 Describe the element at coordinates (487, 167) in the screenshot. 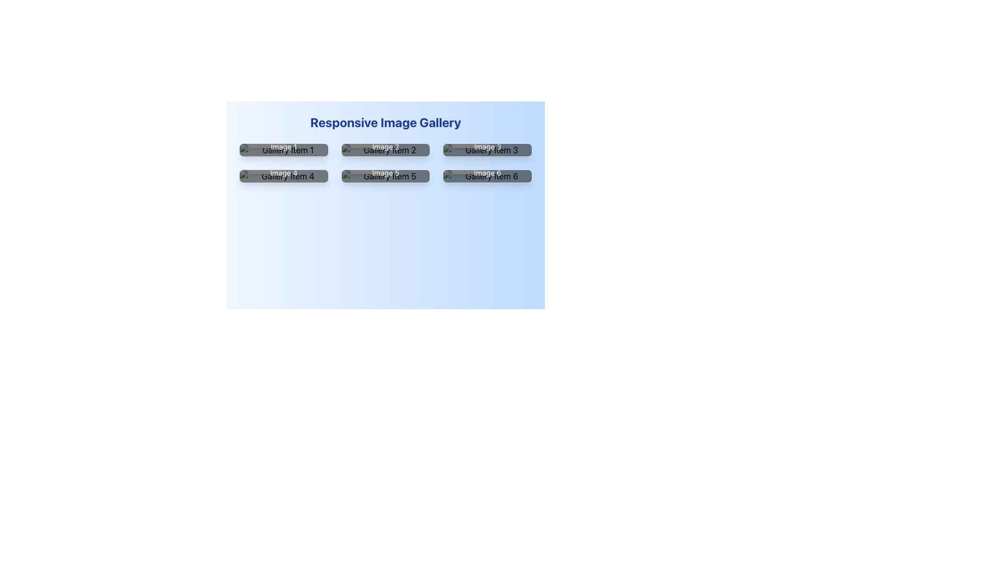

I see `the Text label located at the bottom section of the 'Image 6' gallery card, which provides a description for the associated image` at that location.